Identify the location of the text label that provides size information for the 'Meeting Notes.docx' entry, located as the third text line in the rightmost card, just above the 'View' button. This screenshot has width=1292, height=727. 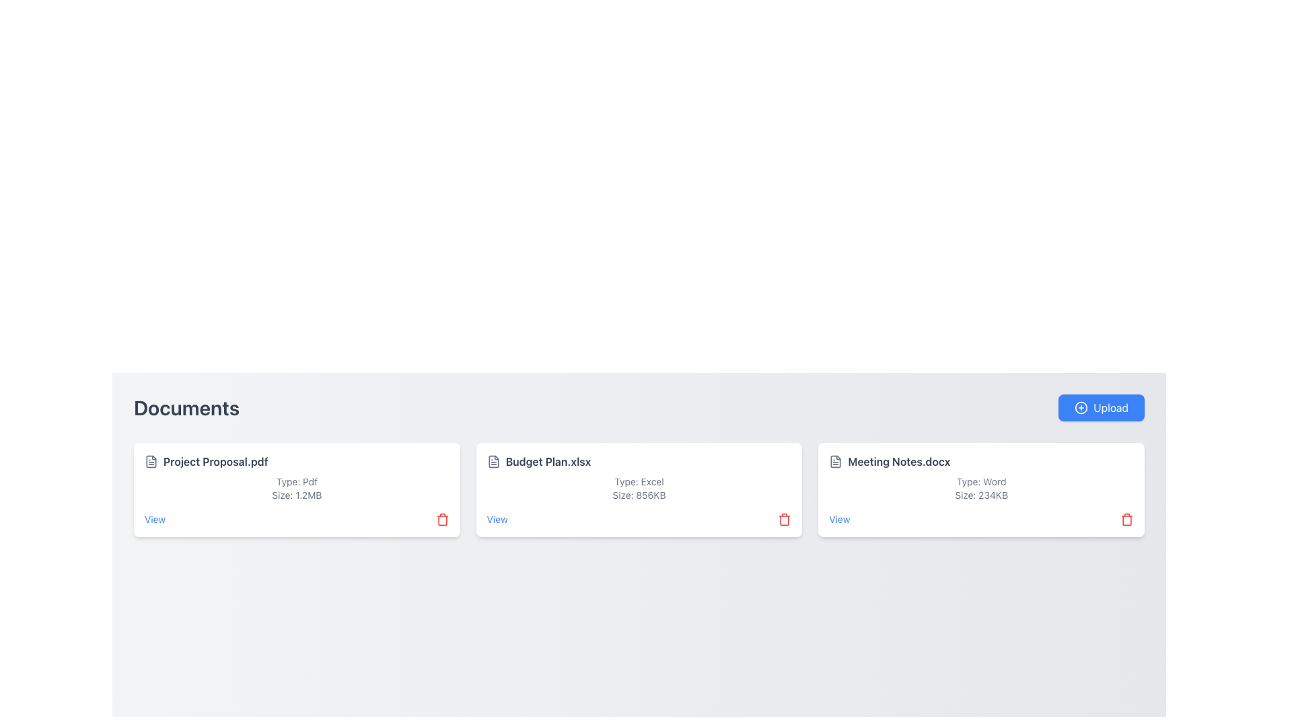
(981, 495).